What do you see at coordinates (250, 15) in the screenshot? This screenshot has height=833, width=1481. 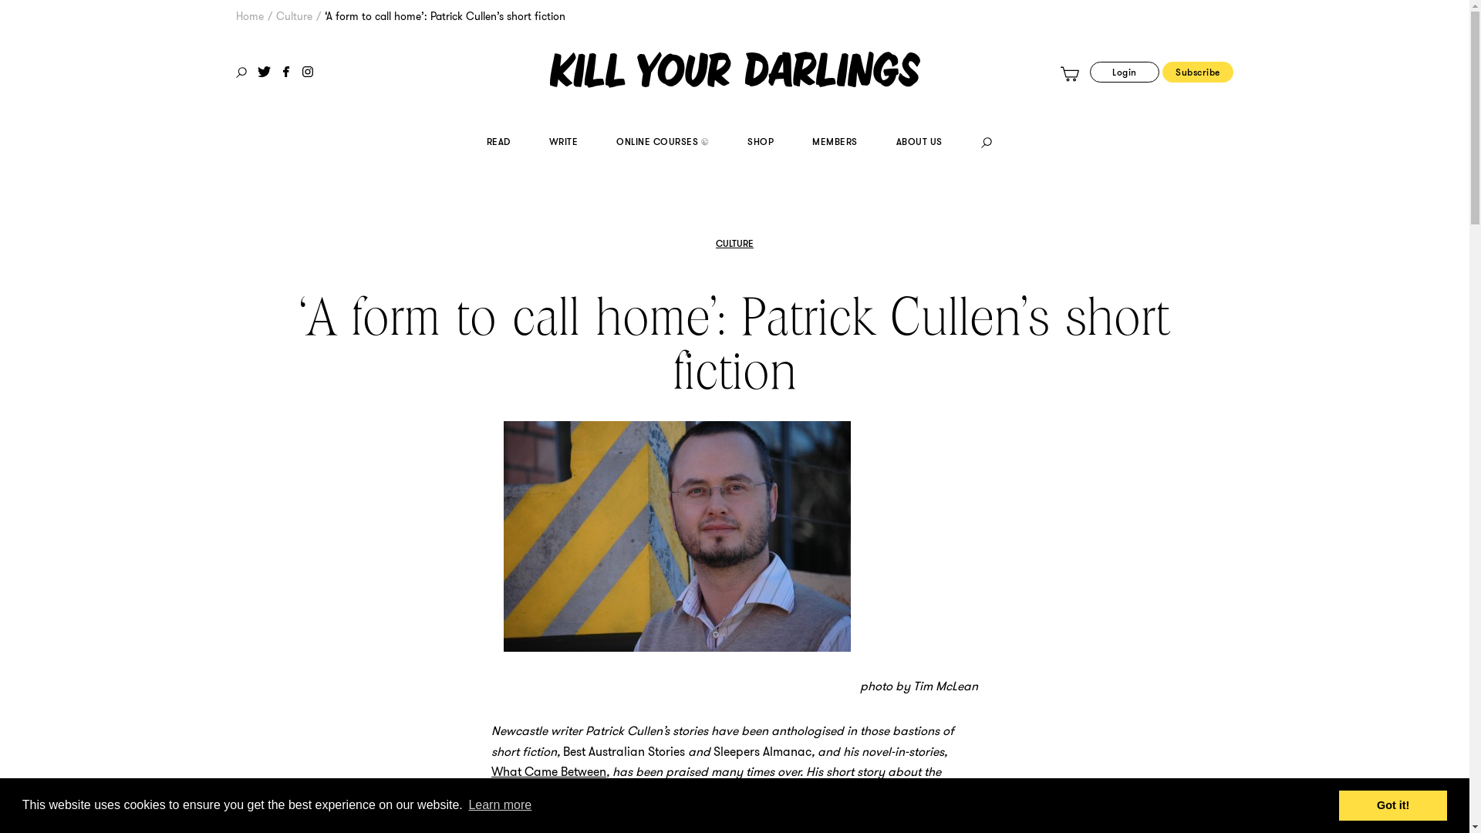 I see `'Home'` at bounding box center [250, 15].